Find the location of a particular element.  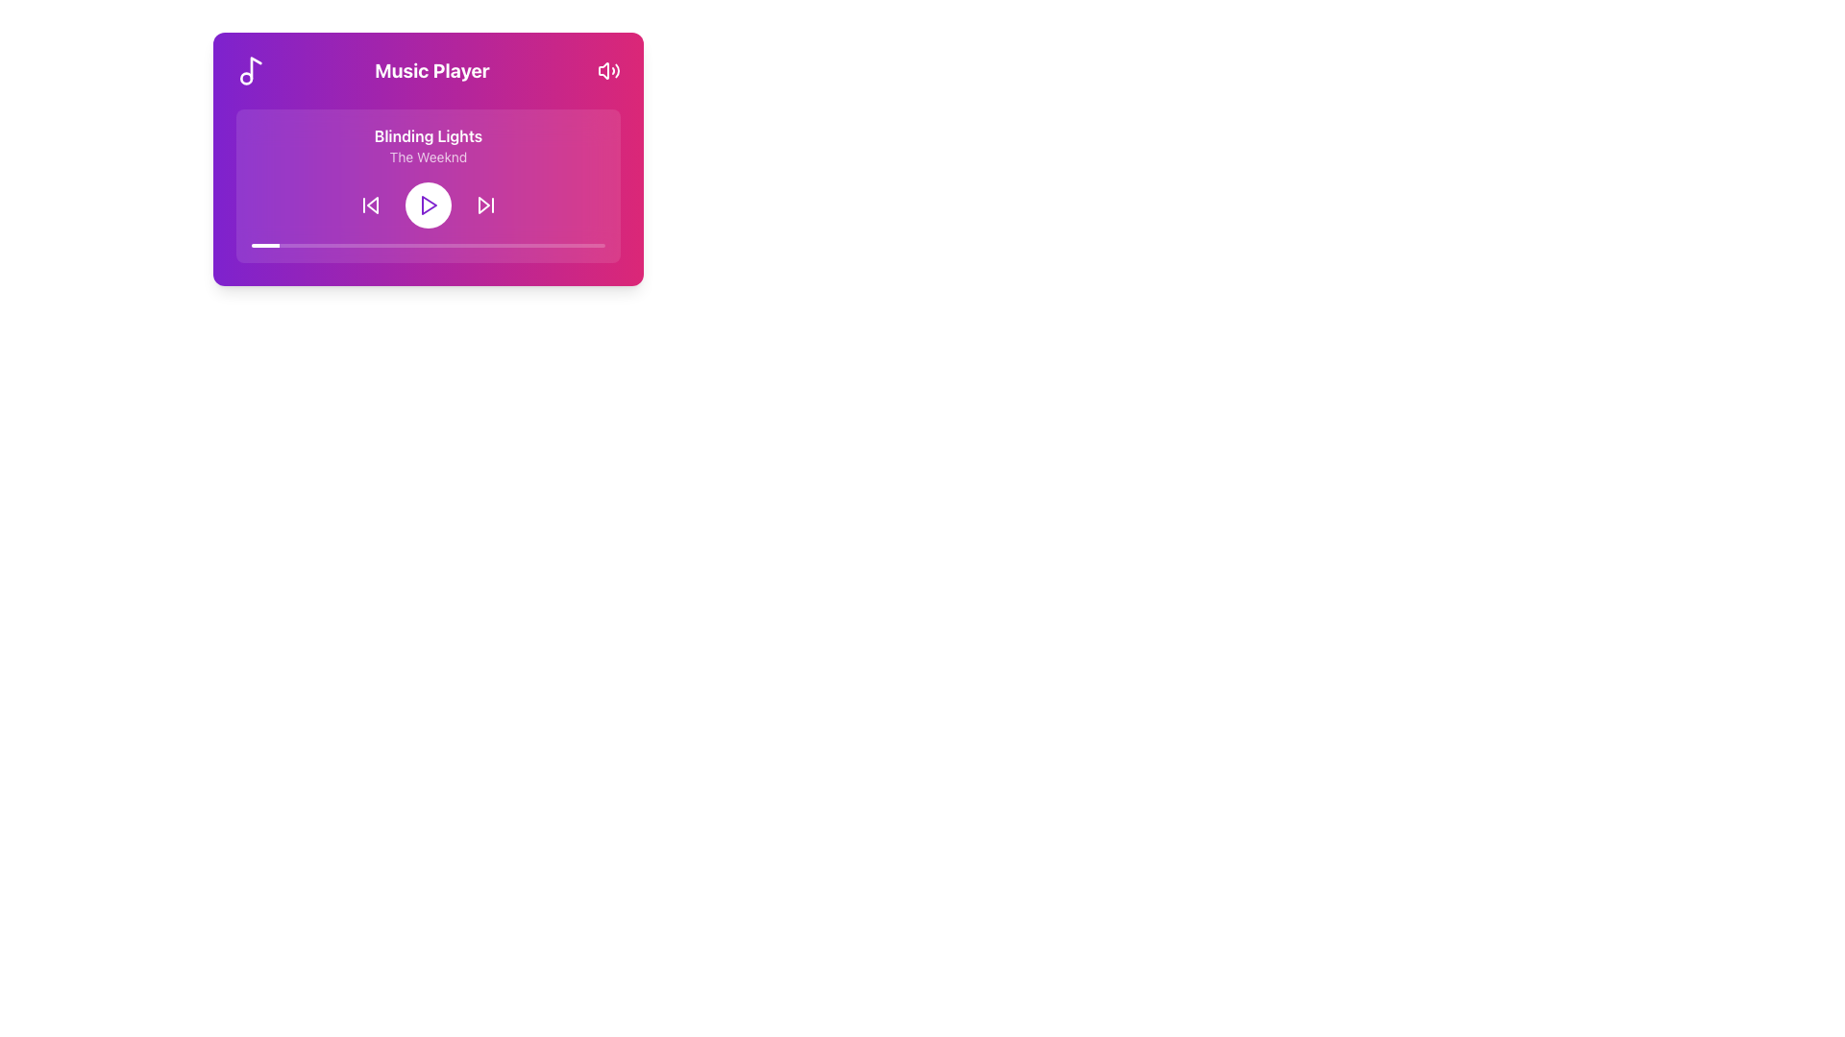

the decorative music icon located in the top-left corner of the music player interface for potential actions is located at coordinates (255, 67).